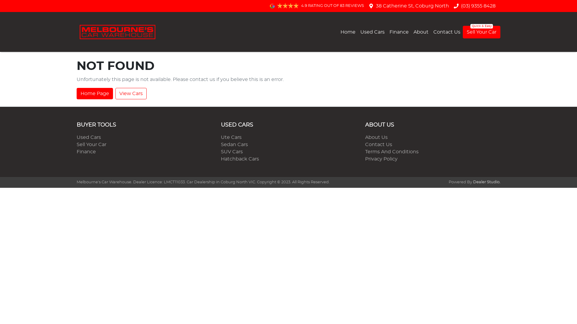  What do you see at coordinates (240, 158) in the screenshot?
I see `'Hatchback Cars'` at bounding box center [240, 158].